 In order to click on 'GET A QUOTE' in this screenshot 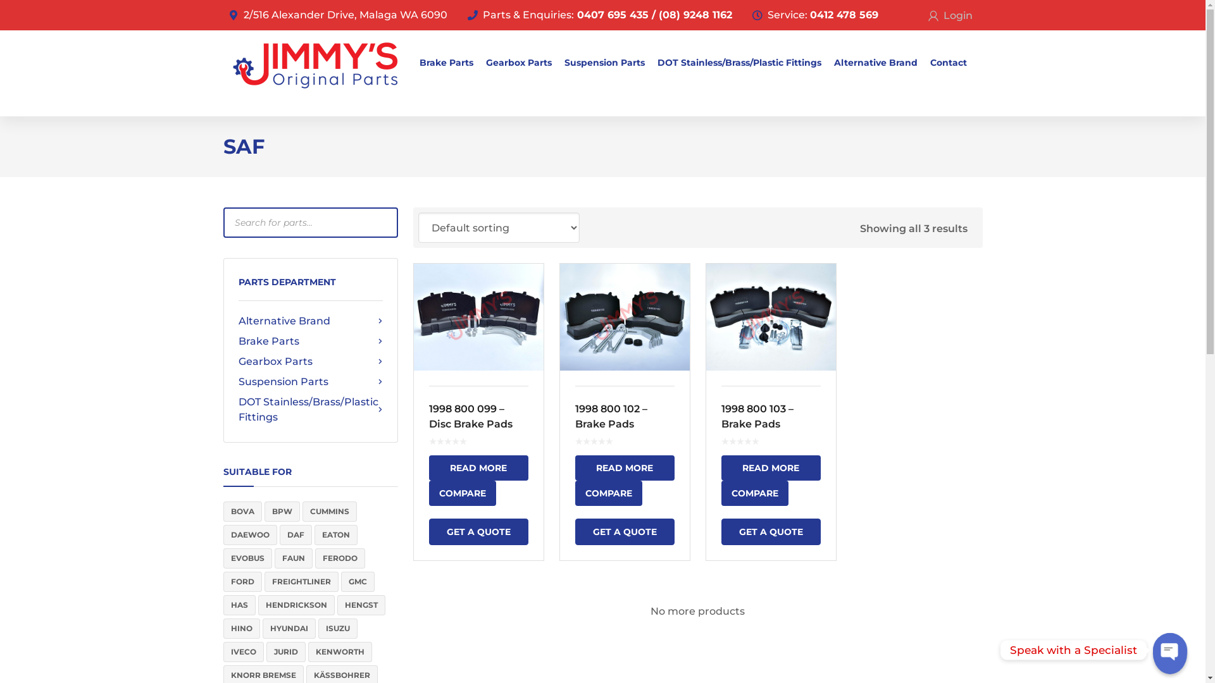, I will do `click(624, 531)`.